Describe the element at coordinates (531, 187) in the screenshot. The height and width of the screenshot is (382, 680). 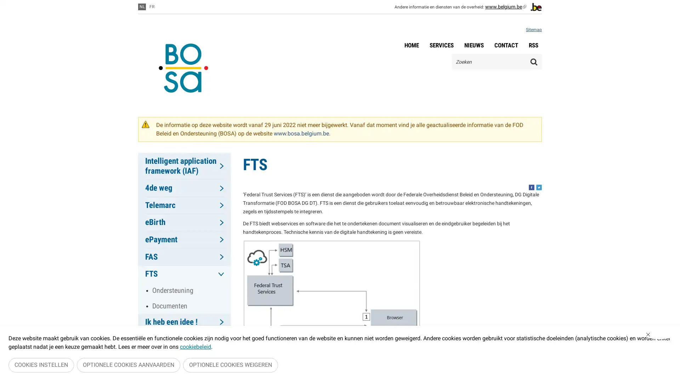
I see `Share this, facebook. This button opens a new window` at that location.